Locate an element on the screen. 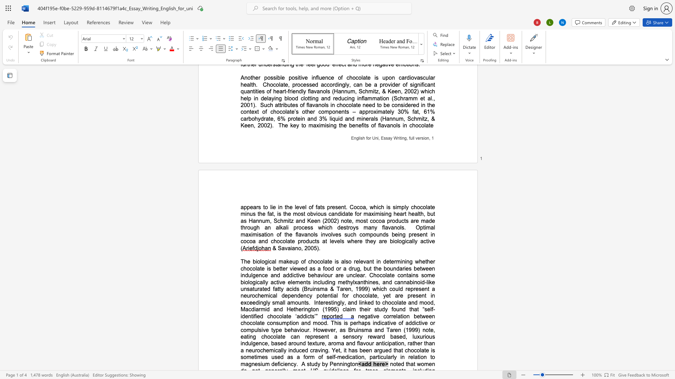 The height and width of the screenshot is (379, 675). the 5th character "e" in the text is located at coordinates (360, 125).